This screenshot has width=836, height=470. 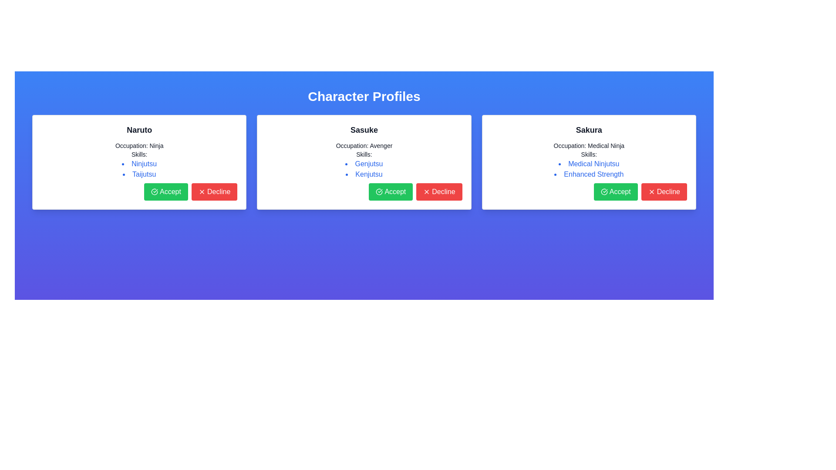 What do you see at coordinates (390, 191) in the screenshot?
I see `the button to accept the 'Sasuke' profile, located in the bottom row of action buttons, to the left of the red 'Decline' button` at bounding box center [390, 191].